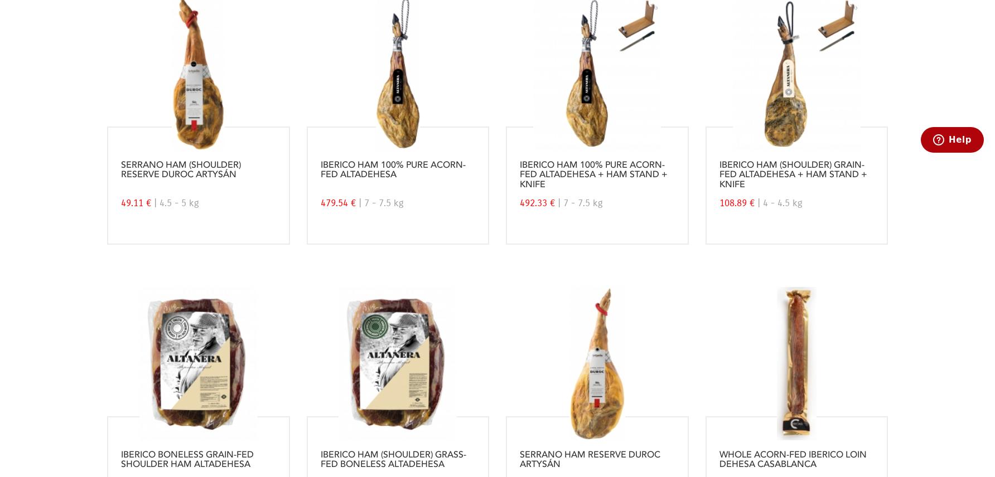 The width and height of the screenshot is (995, 477). I want to click on 'Iberico boneless grain-fed shoulder ham Altadehesa', so click(186, 459).